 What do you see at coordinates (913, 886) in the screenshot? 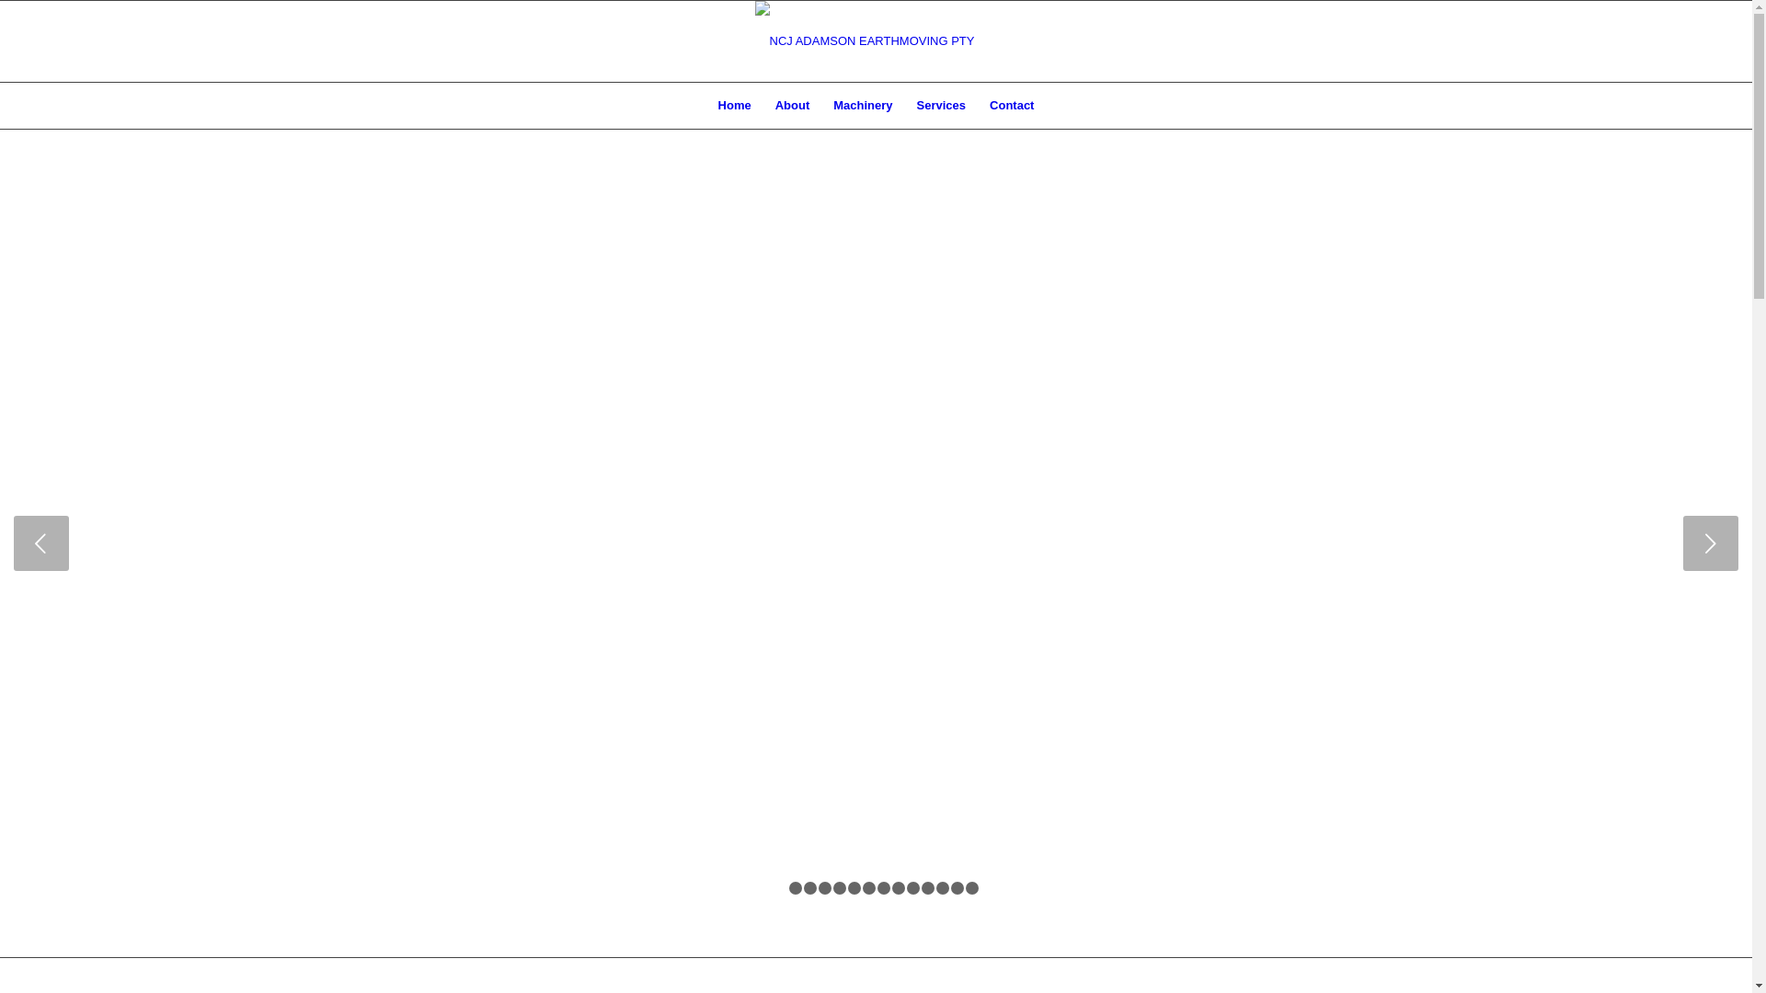
I see `'10'` at bounding box center [913, 886].